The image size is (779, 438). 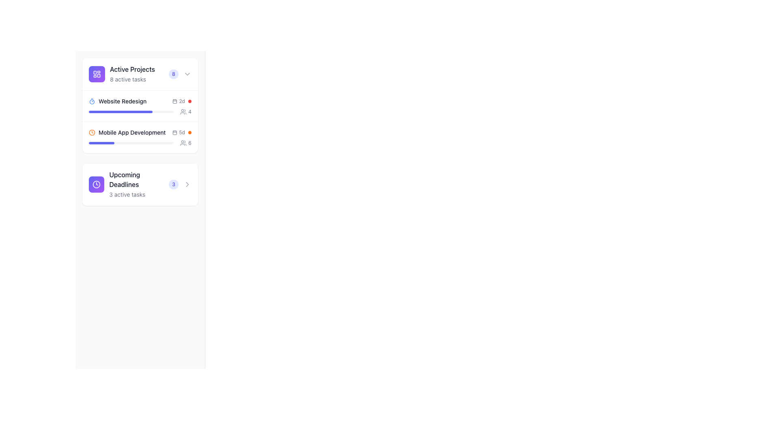 I want to click on information from the Text label that indicates the number of active tasks associated with the 'Upcoming Deadlines' section, located directly beneath the 'Upcoming Deadlines' header, so click(x=127, y=194).